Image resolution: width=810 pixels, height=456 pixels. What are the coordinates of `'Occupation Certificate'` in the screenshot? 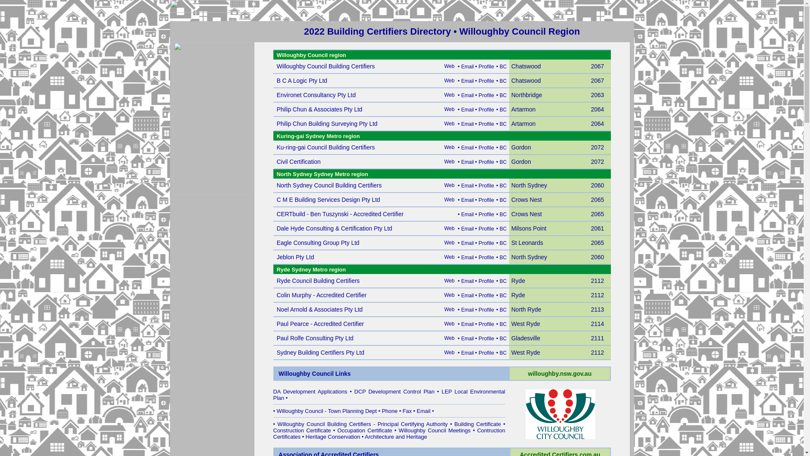 It's located at (364, 430).